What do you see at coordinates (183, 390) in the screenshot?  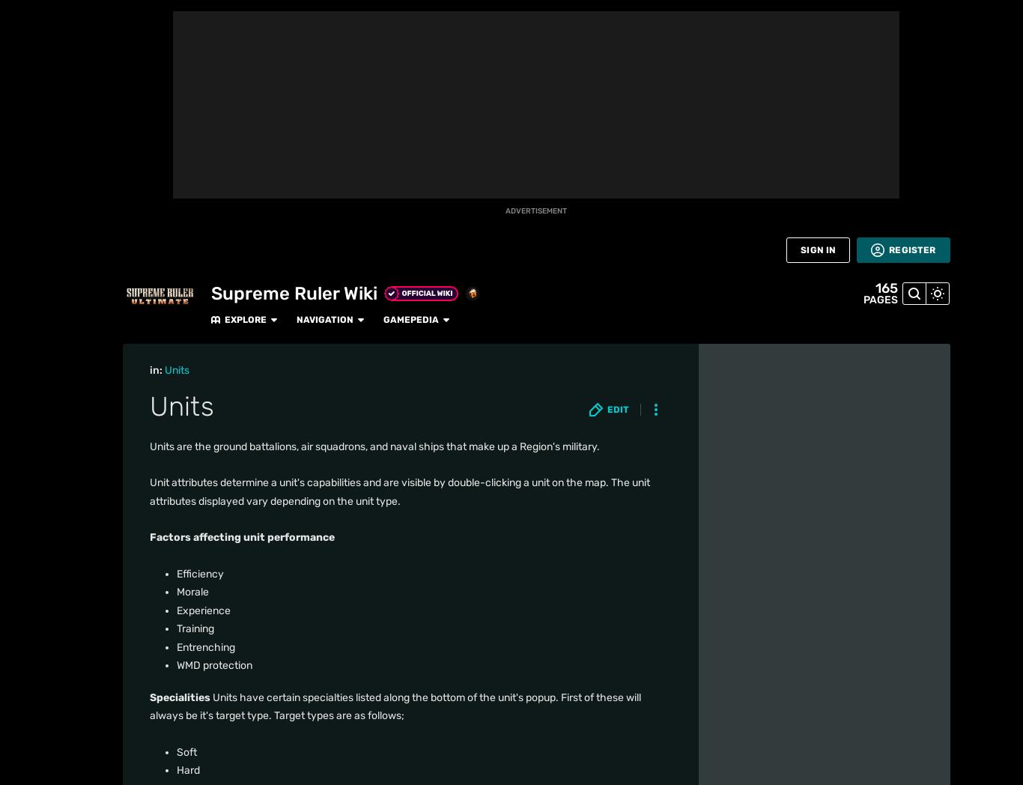 I see `'Experience'` at bounding box center [183, 390].